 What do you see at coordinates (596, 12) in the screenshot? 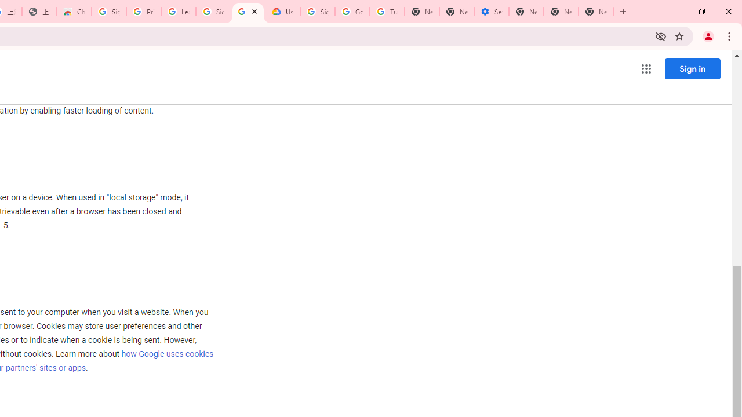
I see `'New Tab'` at bounding box center [596, 12].